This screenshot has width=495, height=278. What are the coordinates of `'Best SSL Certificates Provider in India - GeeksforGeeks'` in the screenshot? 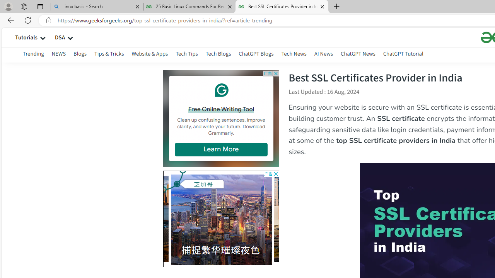 It's located at (282, 7).